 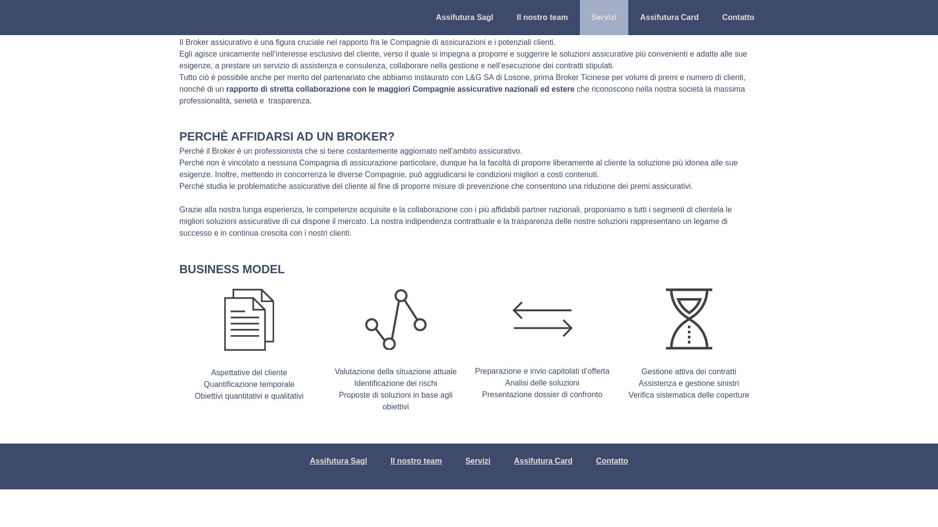 What do you see at coordinates (338, 461) in the screenshot?
I see `'Assifutura Sagl'` at bounding box center [338, 461].